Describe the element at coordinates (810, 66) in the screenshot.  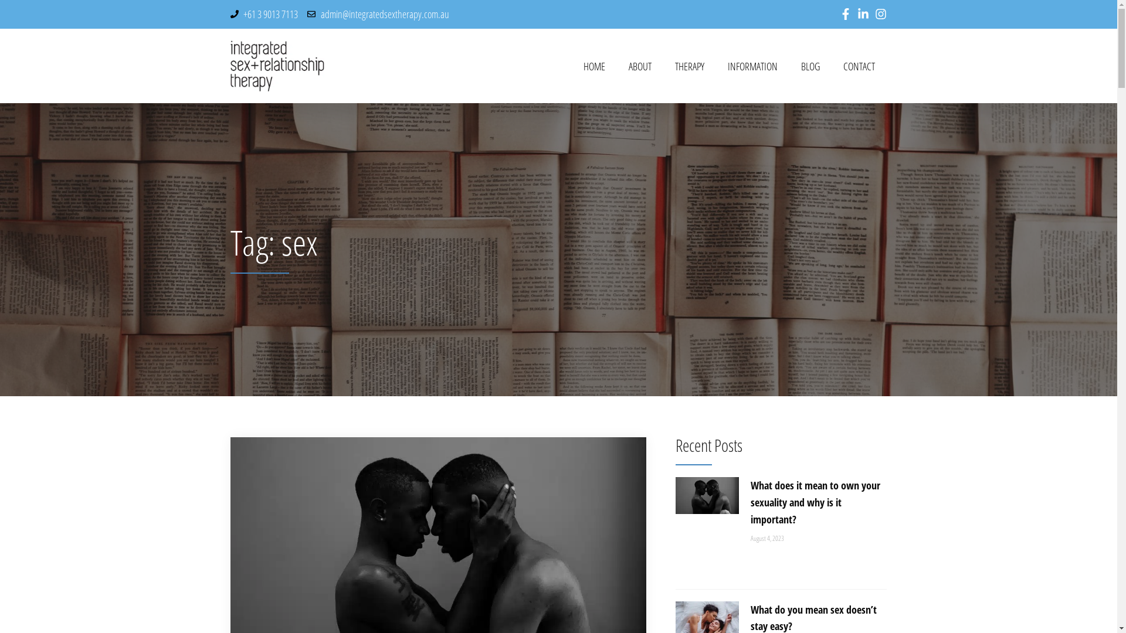
I see `'BLOG'` at that location.